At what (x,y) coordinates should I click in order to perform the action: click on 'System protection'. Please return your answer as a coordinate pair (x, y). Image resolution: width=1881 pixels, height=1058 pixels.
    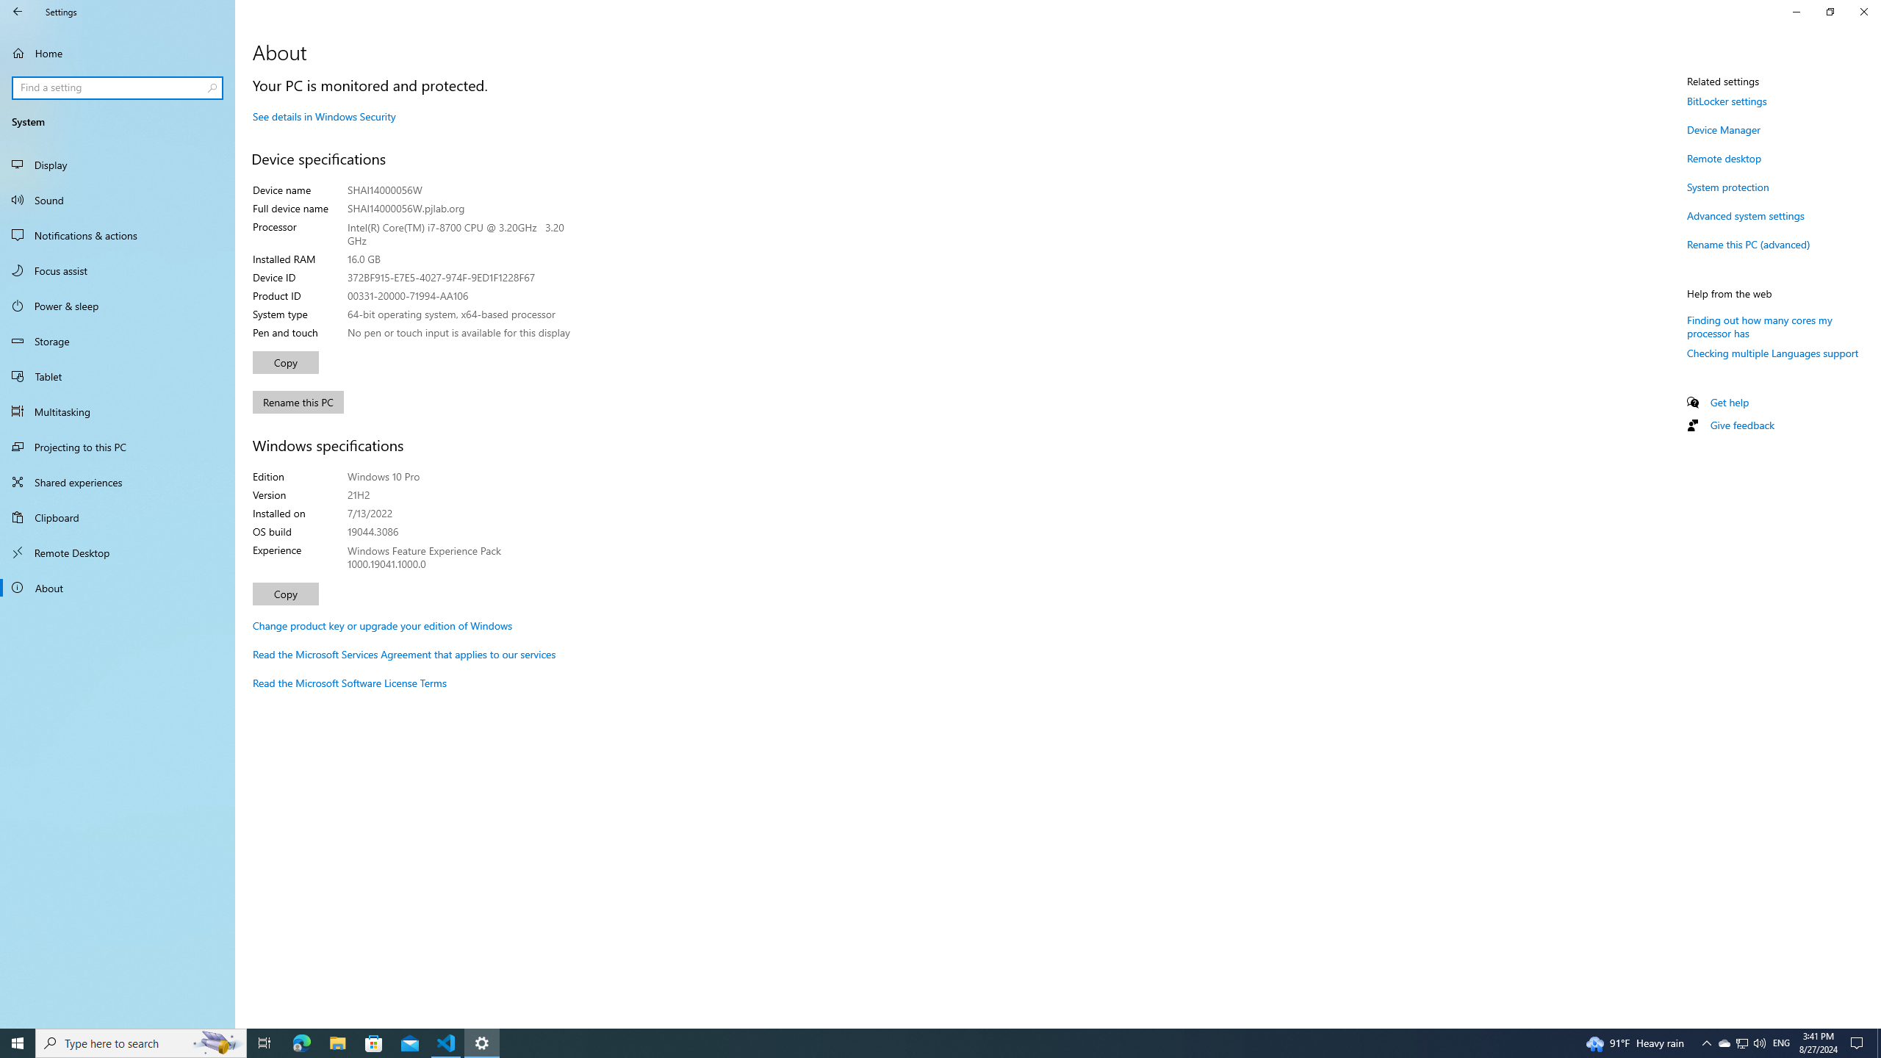
    Looking at the image, I should click on (1728, 186).